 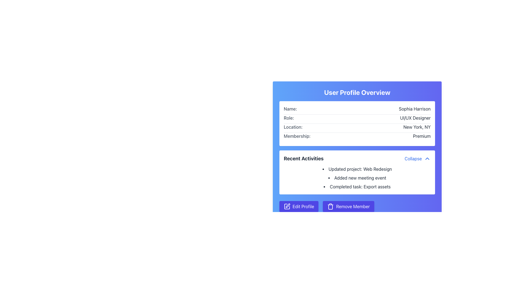 What do you see at coordinates (415, 117) in the screenshot?
I see `the Text Label displaying 'UI/UX Designer' in the user profile interface, which is aligned to the right of the 'Role:' label` at bounding box center [415, 117].